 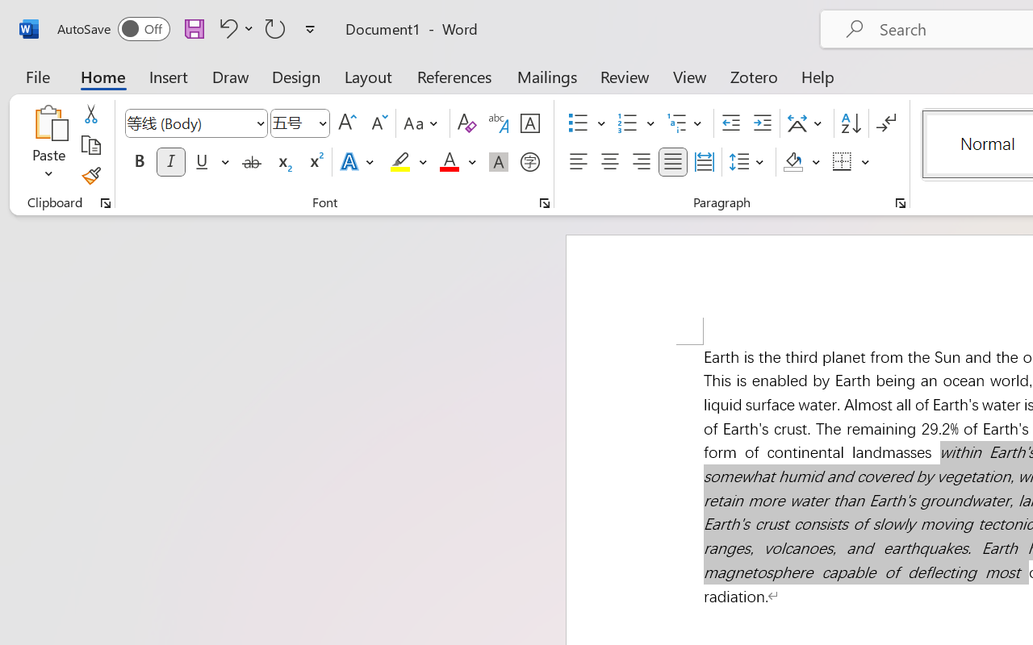 I want to click on 'Distributed', so click(x=704, y=162).